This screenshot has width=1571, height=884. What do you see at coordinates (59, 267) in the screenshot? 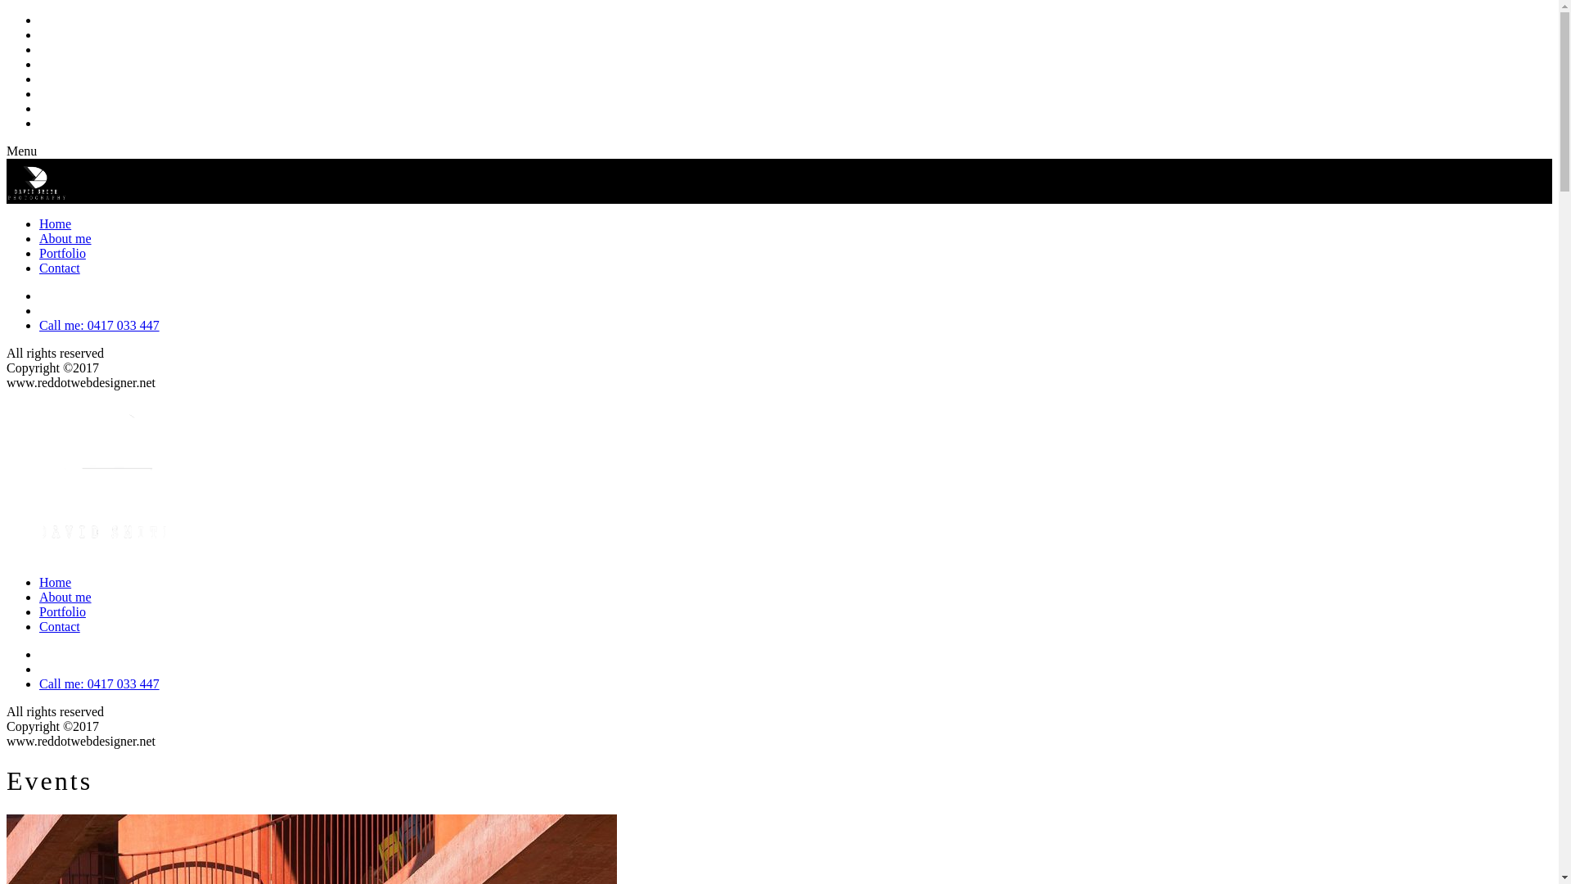
I see `'Contact'` at bounding box center [59, 267].